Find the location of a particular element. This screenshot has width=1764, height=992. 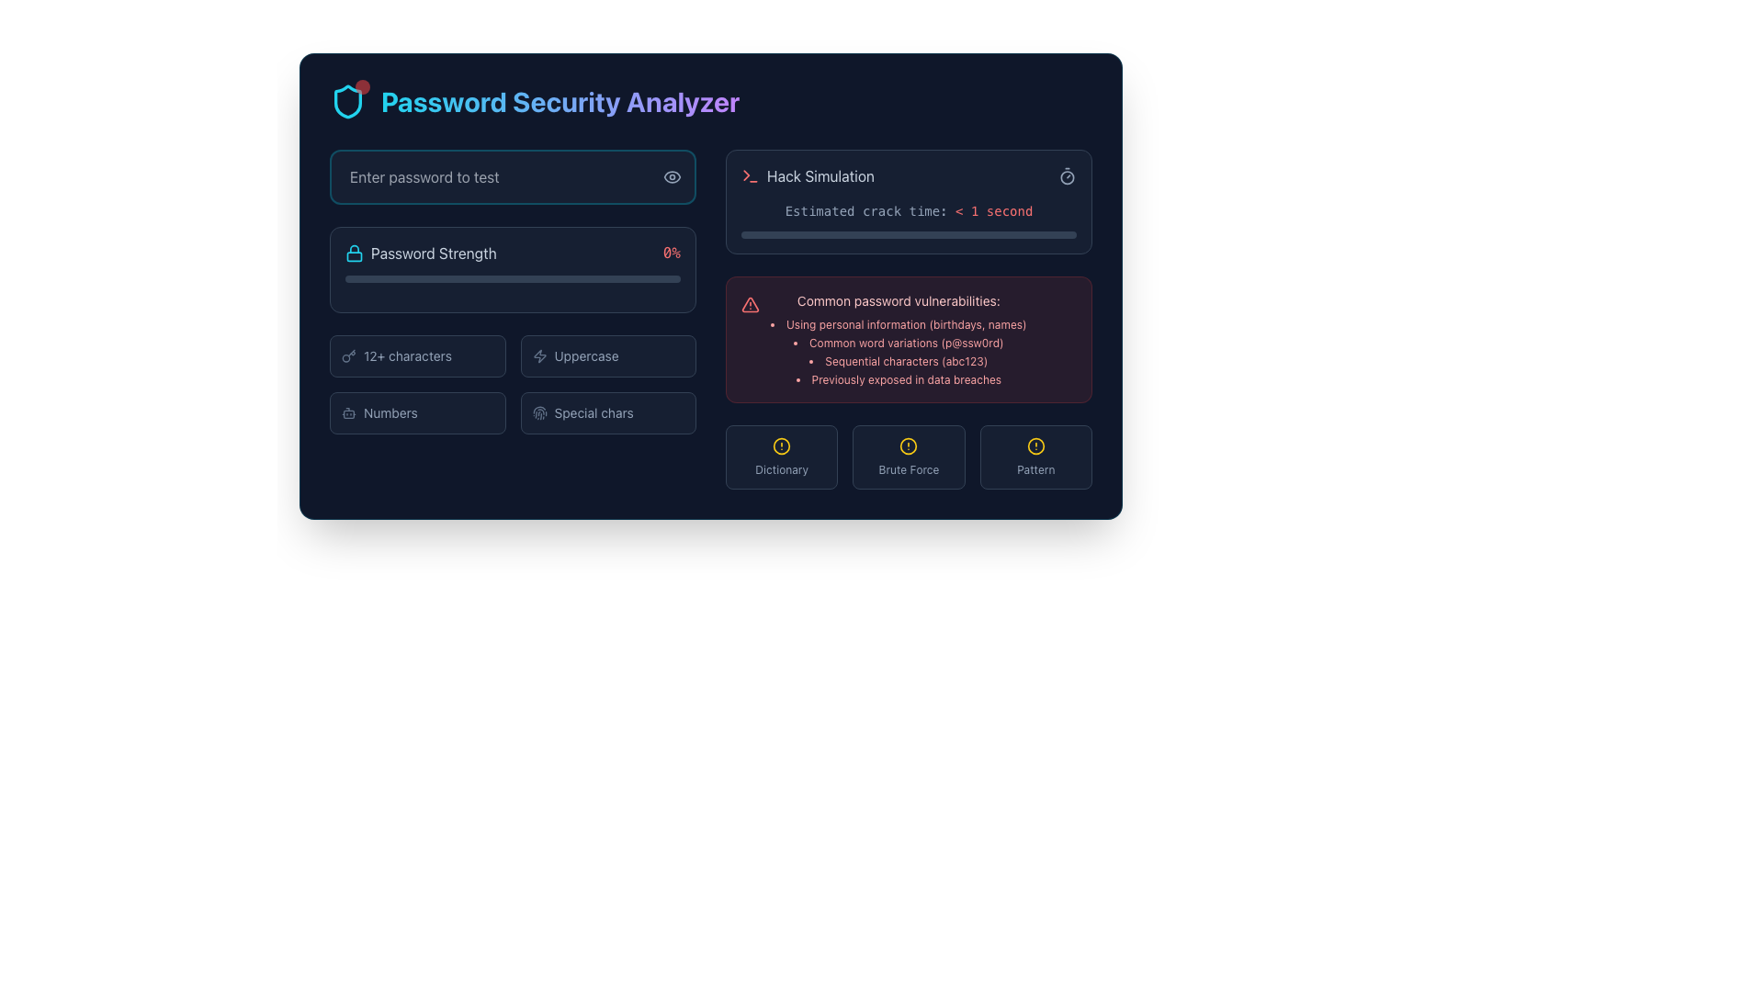

the Text indicator with accompanying icon related to uppercase character evaluation in the password assessment tool is located at coordinates (608, 356).